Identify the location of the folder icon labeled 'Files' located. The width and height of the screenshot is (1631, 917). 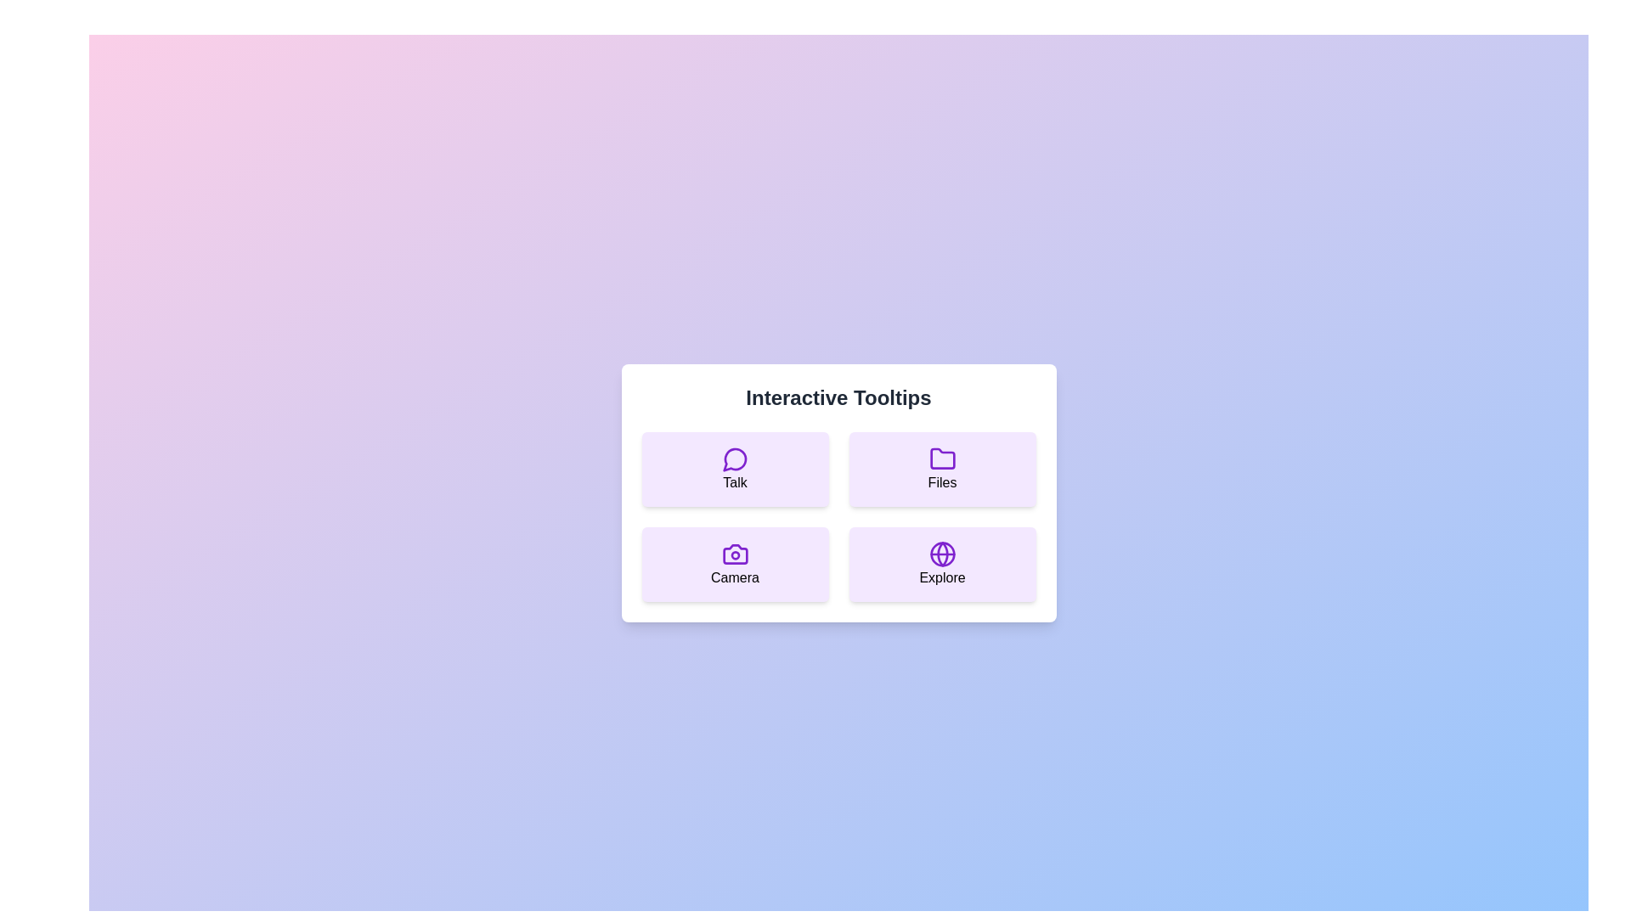
(941, 458).